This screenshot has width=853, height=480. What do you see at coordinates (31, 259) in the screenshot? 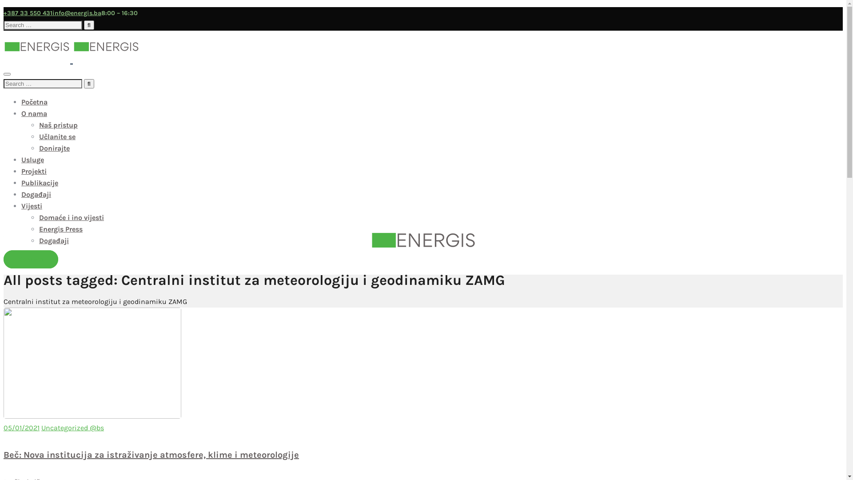
I see `'Kontakt'` at bounding box center [31, 259].